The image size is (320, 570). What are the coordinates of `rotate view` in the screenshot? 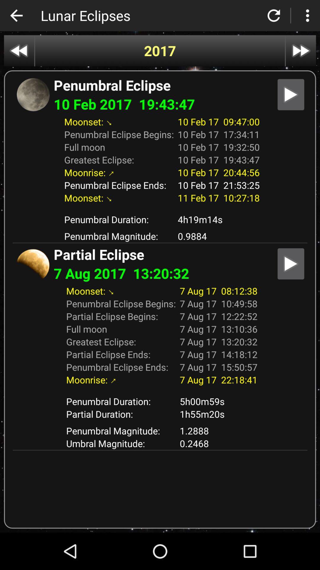 It's located at (274, 15).